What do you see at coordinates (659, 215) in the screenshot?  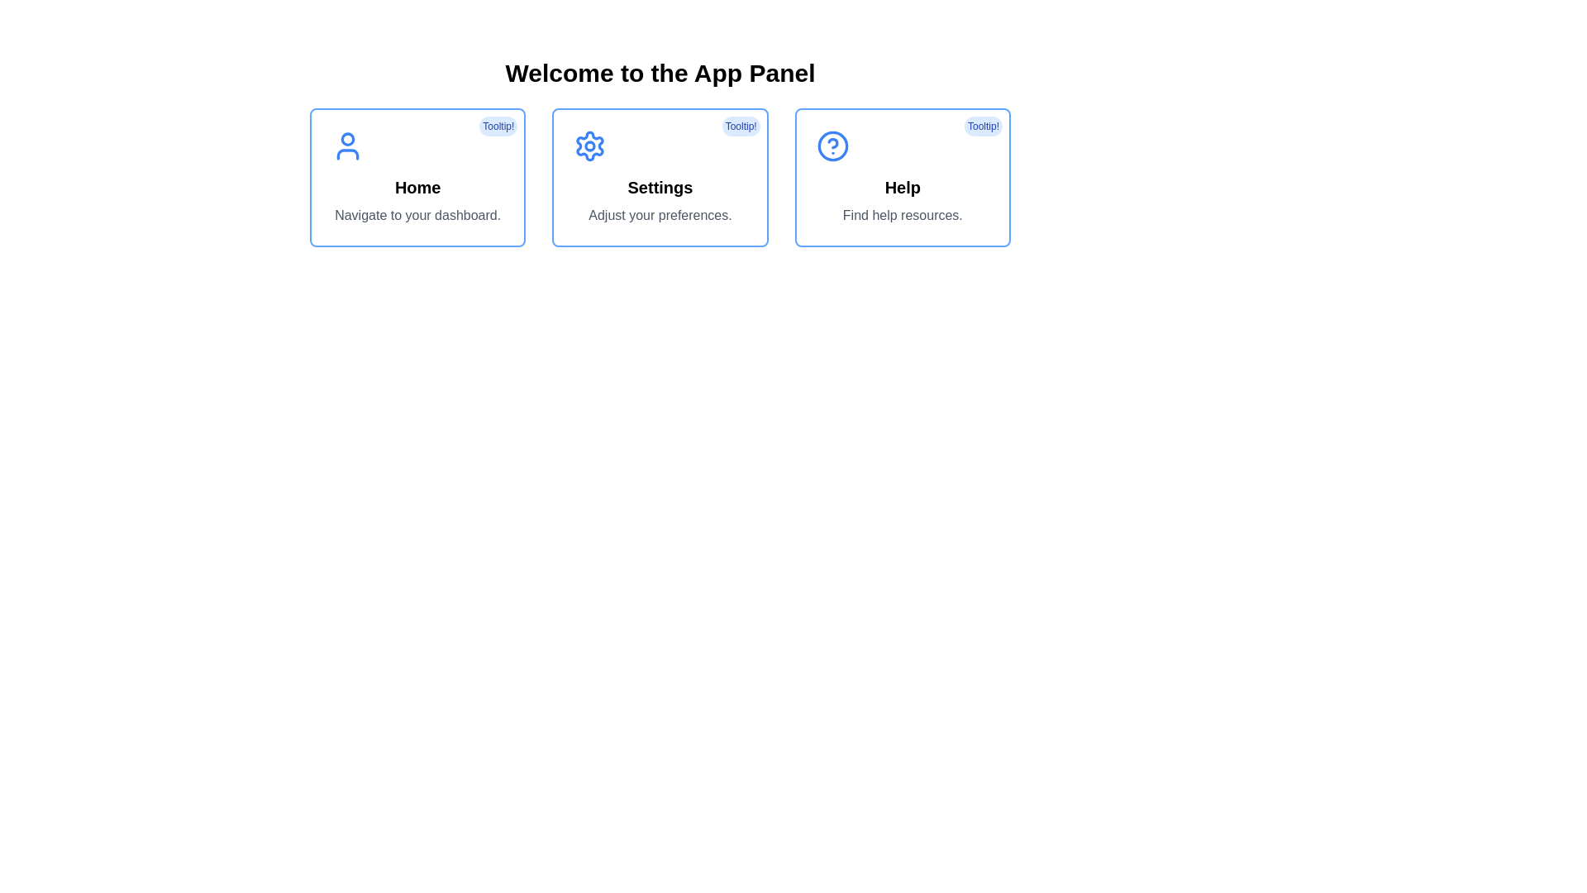 I see `the text label that says 'Adjust your preferences.', which is styled in a small gray font and located below the 'Settings' title` at bounding box center [659, 215].